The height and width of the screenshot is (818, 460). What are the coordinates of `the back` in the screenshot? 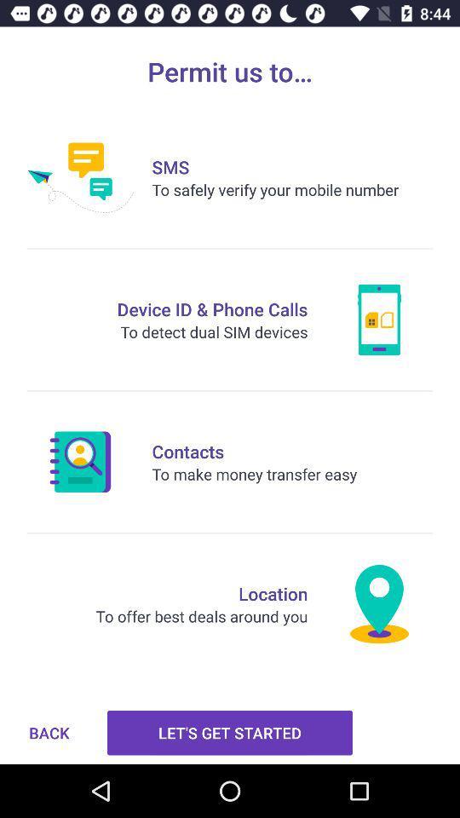 It's located at (49, 732).